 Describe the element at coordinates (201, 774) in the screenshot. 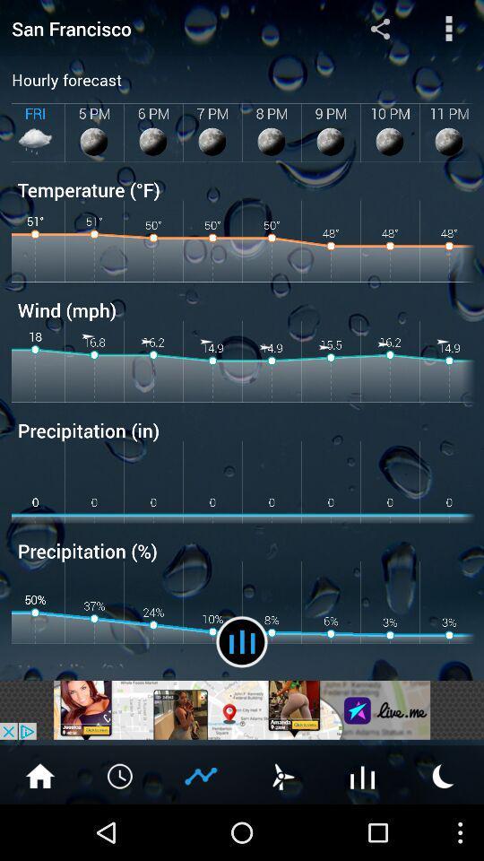

I see `see trends` at that location.